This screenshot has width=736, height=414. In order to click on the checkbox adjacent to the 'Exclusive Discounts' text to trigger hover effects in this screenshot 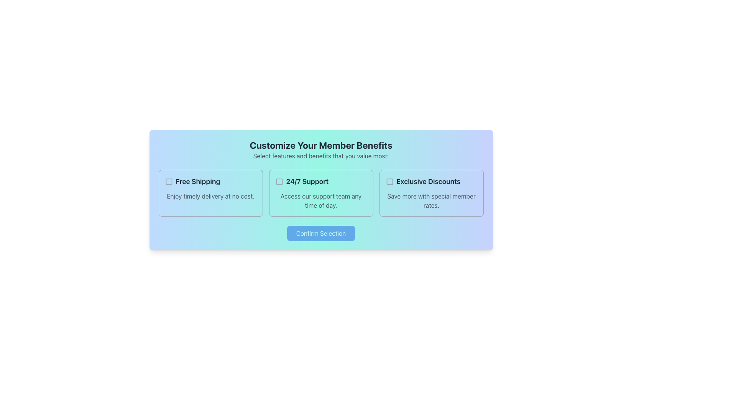, I will do `click(389, 182)`.